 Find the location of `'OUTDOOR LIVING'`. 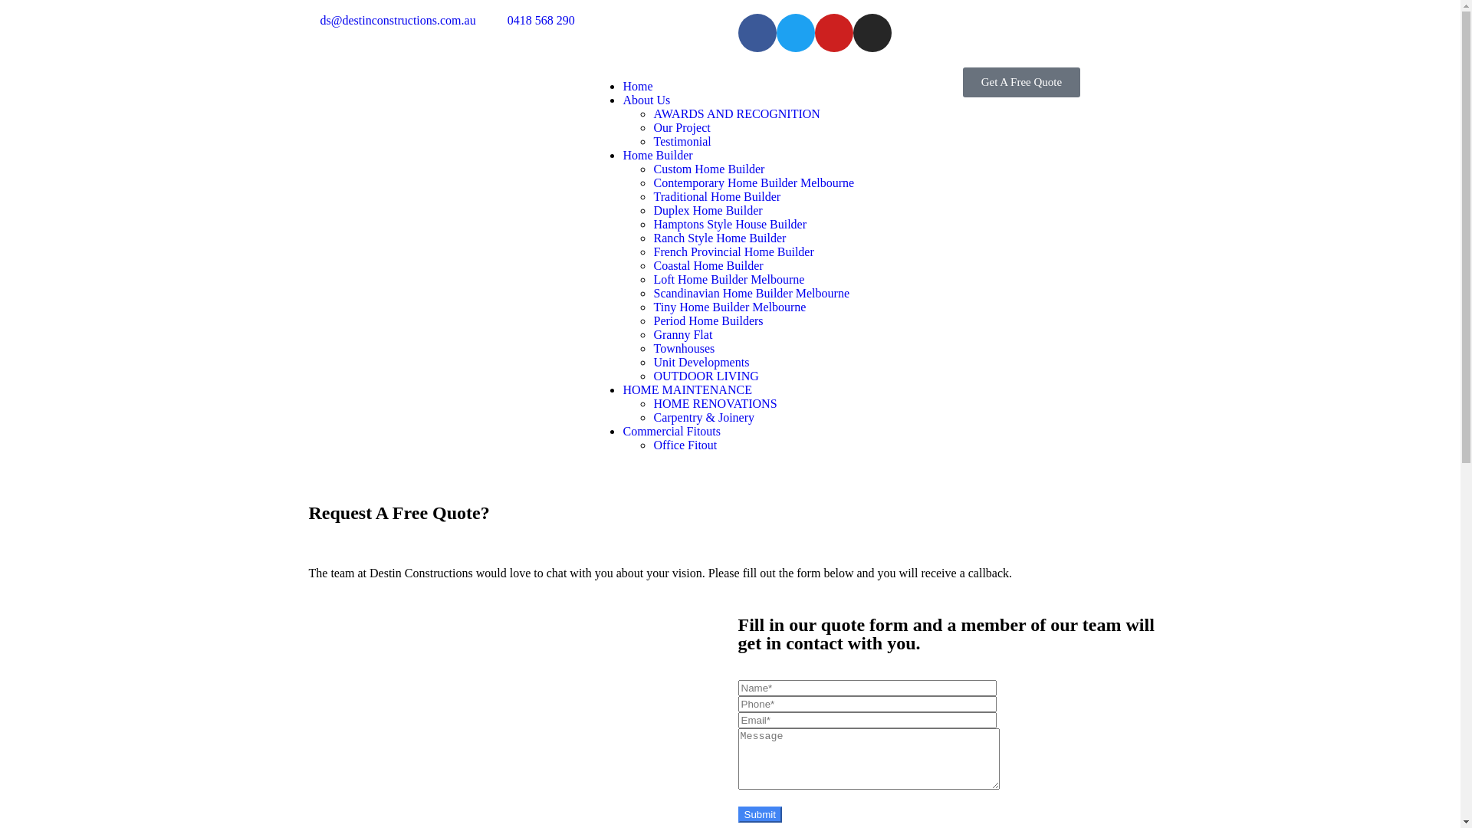

'OUTDOOR LIVING' is located at coordinates (705, 376).